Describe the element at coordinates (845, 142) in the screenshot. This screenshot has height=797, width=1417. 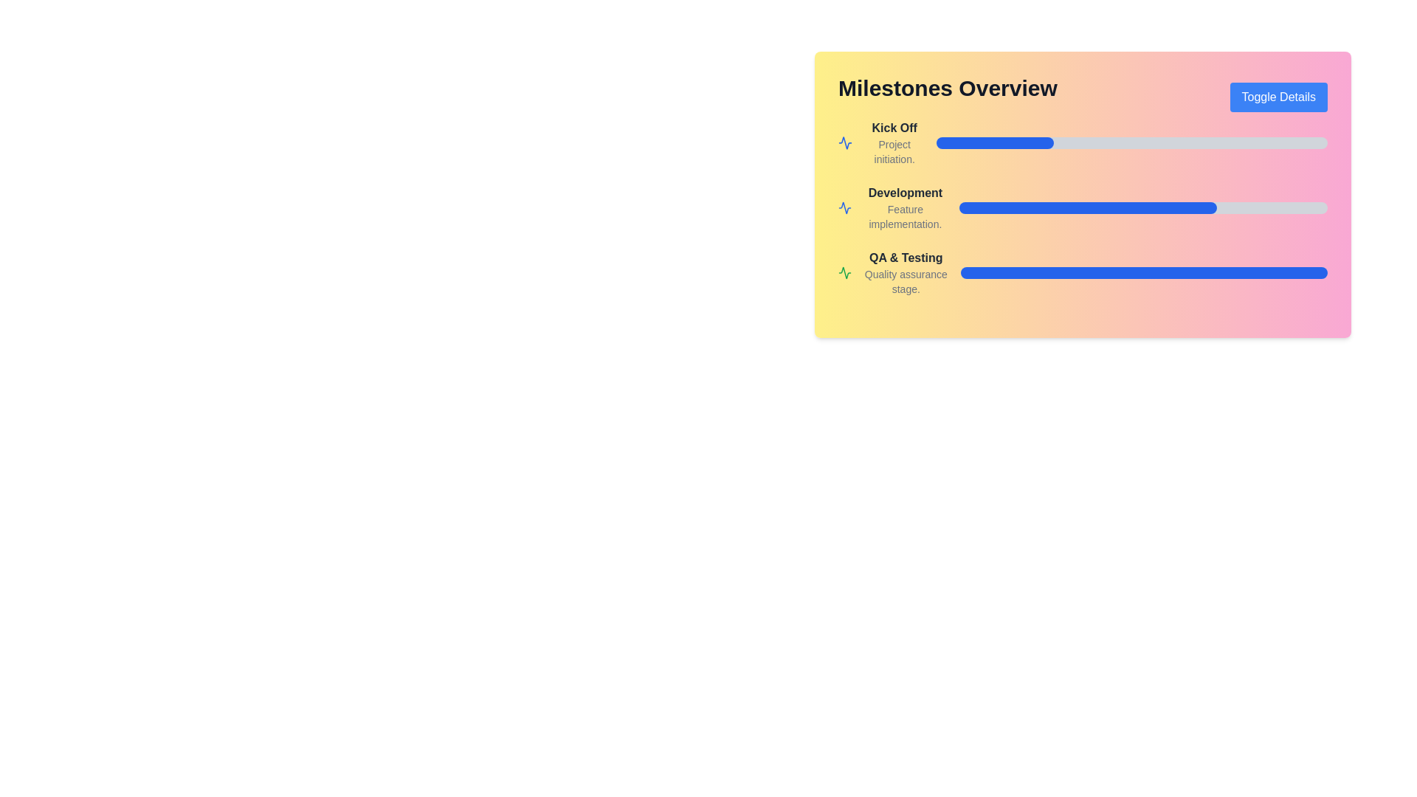
I see `the oscilloscope wave icon, which has a bold blue outline and is located to the left of the 'Kick Off' text in the 'Milestones Overview' section` at that location.